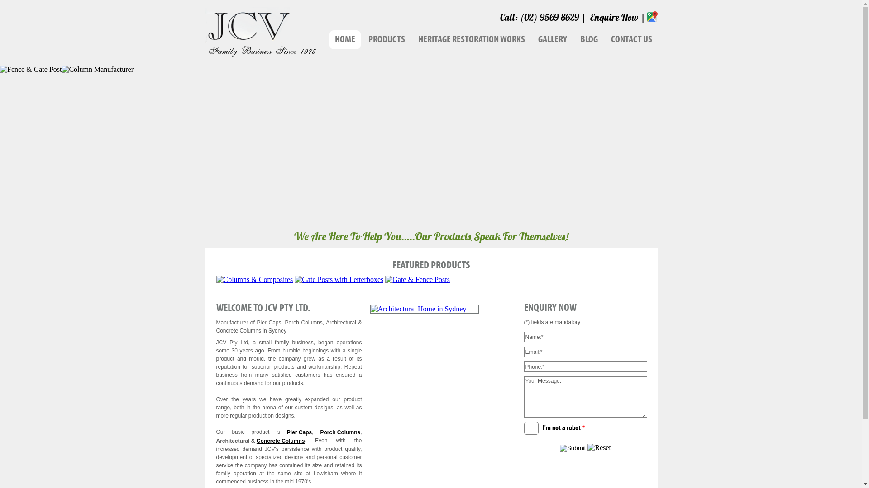 Image resolution: width=869 pixels, height=488 pixels. Describe the element at coordinates (572, 448) in the screenshot. I see `'Submit'` at that location.